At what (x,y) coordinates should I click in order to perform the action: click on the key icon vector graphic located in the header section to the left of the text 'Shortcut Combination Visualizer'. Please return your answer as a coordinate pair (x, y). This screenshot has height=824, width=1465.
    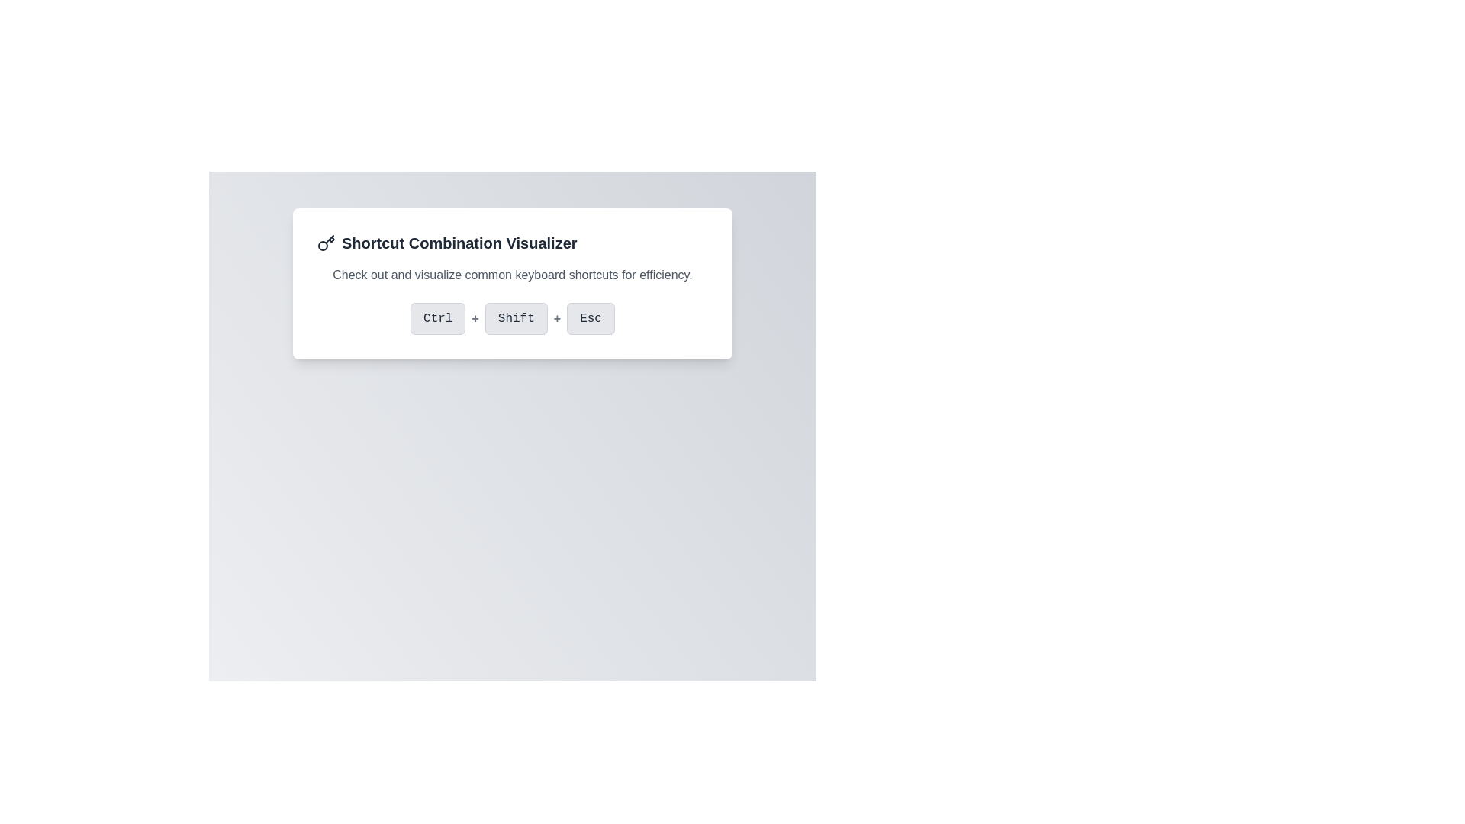
    Looking at the image, I should click on (325, 243).